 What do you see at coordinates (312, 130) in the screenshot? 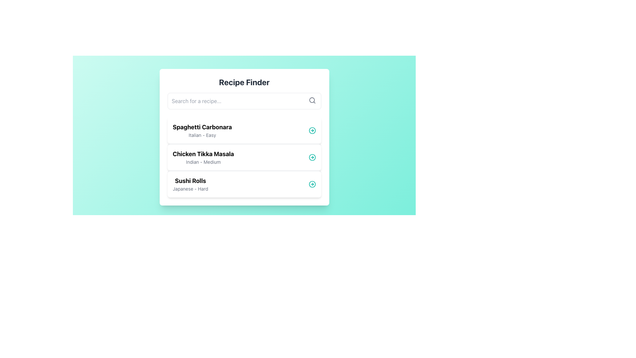
I see `the circular indicator element next to the 'Spaghetti Carbonara' recipe in the 'Recipe Finder' interface` at bounding box center [312, 130].